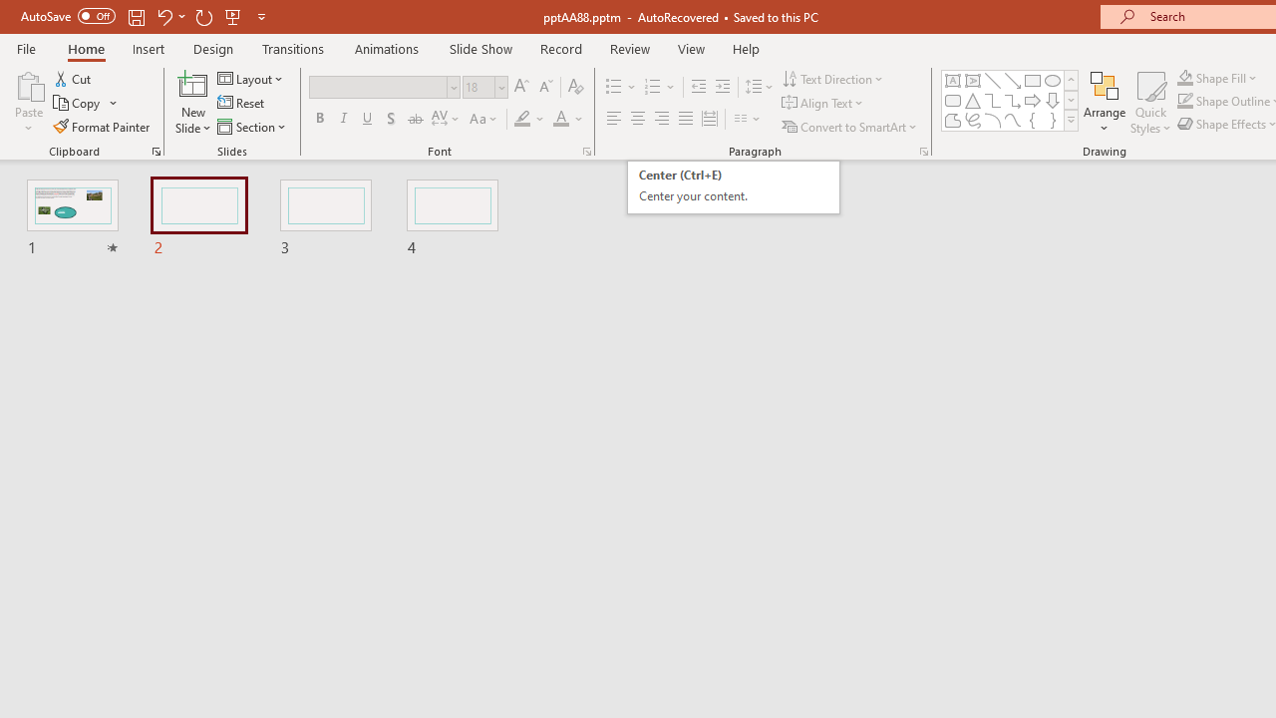 Image resolution: width=1276 pixels, height=718 pixels. What do you see at coordinates (28, 84) in the screenshot?
I see `'Paste'` at bounding box center [28, 84].